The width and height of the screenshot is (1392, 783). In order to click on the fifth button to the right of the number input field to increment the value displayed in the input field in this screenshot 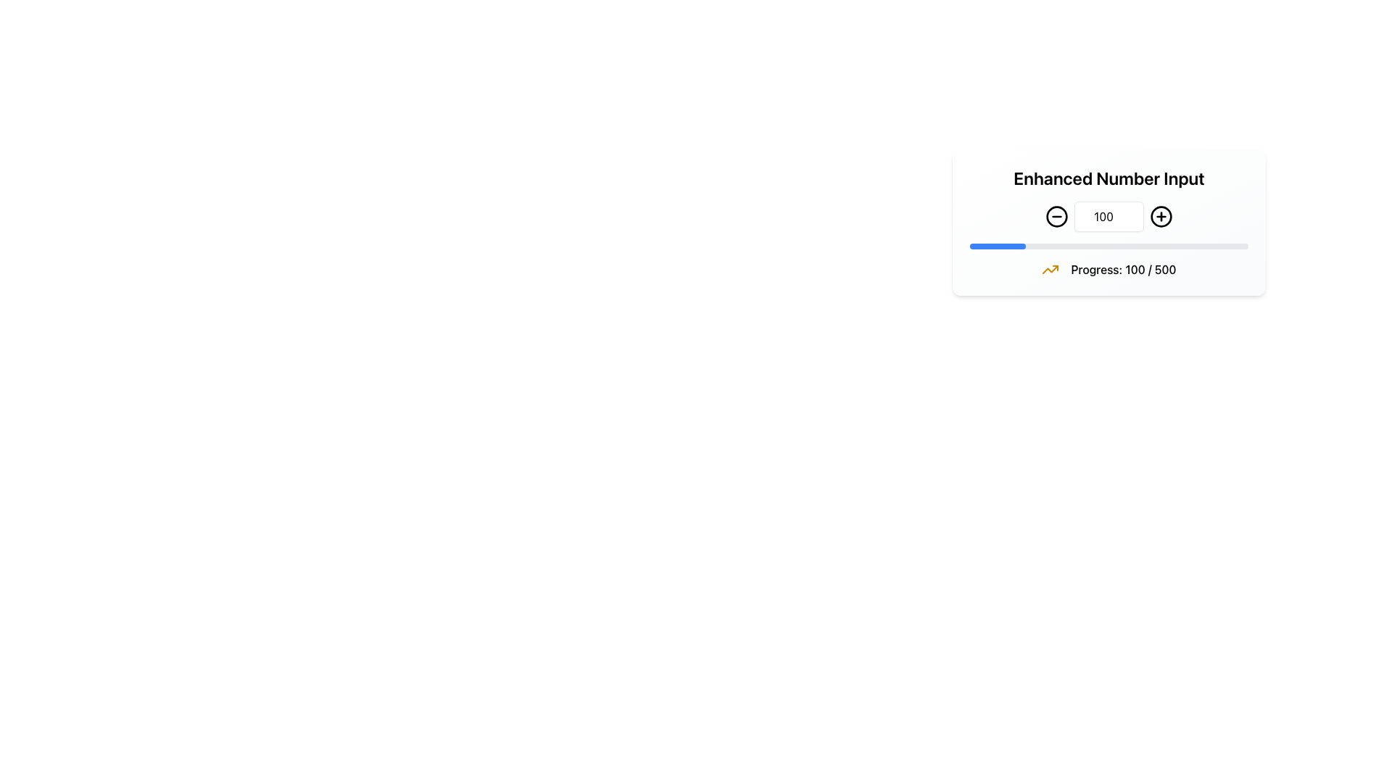, I will do `click(1161, 217)`.